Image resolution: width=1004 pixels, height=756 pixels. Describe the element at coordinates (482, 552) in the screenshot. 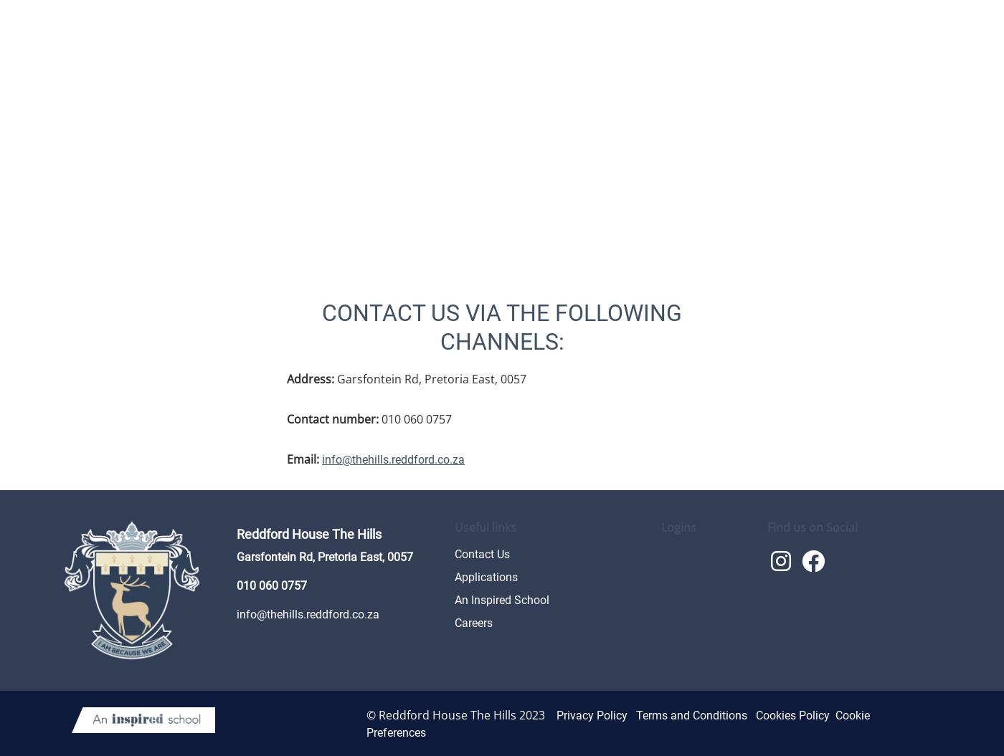

I see `'Contact Us'` at that location.